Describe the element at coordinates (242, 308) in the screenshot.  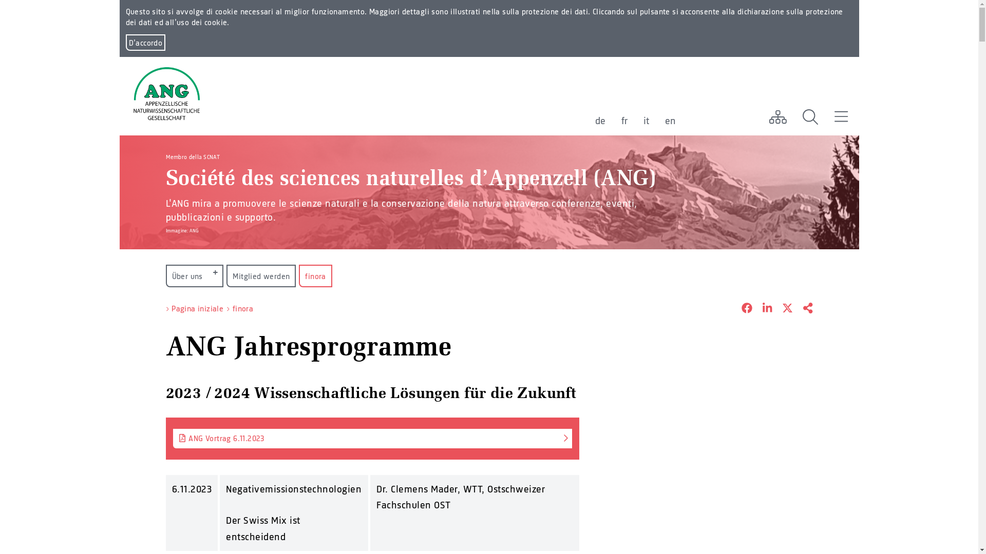
I see `'finora'` at that location.